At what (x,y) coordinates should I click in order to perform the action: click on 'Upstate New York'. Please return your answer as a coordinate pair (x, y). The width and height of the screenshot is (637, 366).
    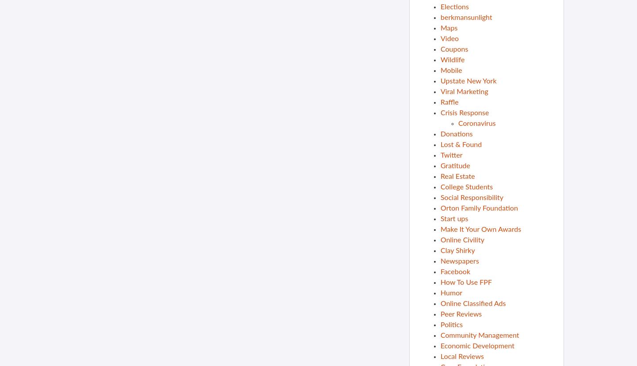
    Looking at the image, I should click on (468, 80).